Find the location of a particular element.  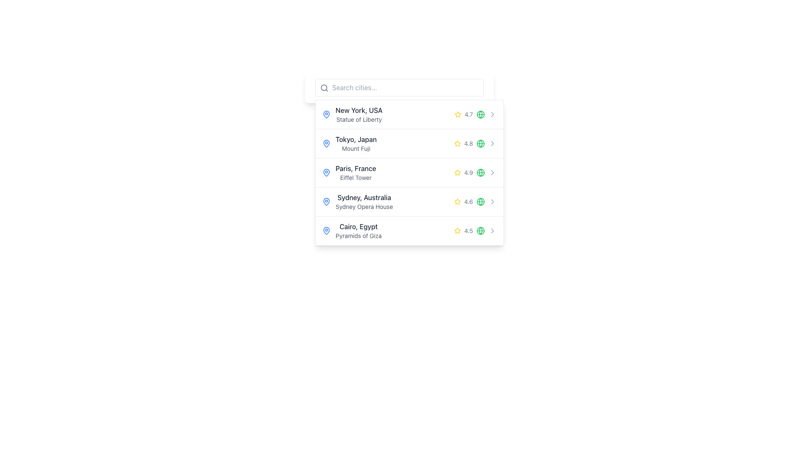

the first selectable item in the location list representing 'New York, USA - Statue of Liberty' is located at coordinates (409, 115).